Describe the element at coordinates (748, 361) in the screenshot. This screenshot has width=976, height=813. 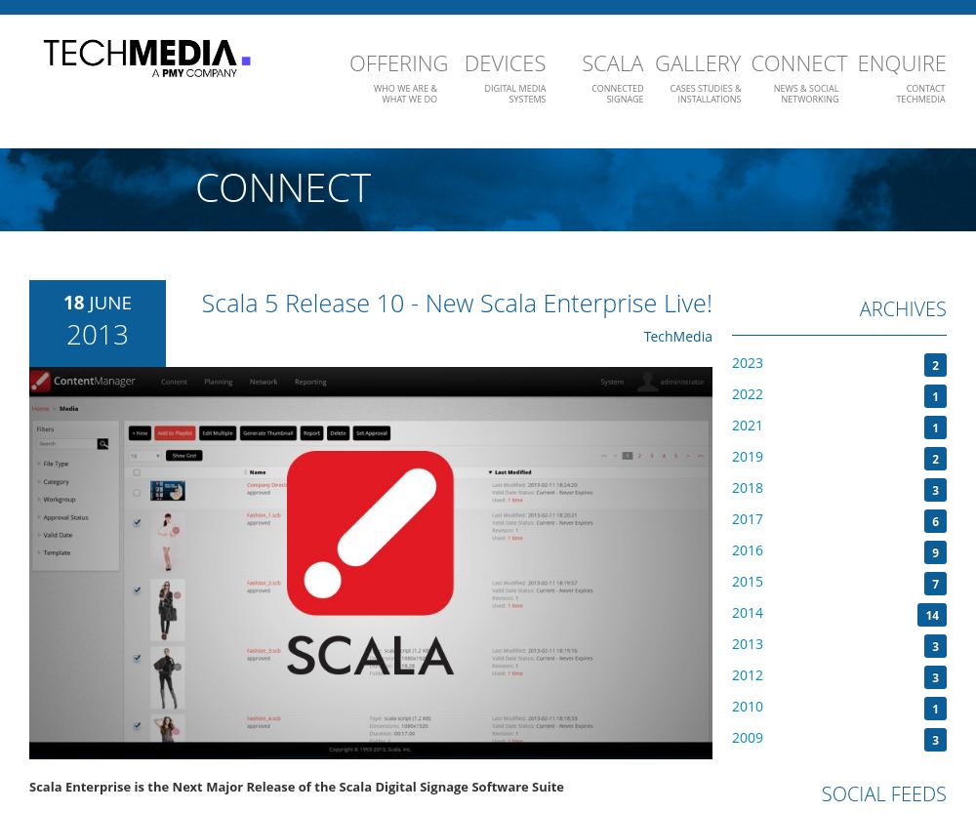
I see `'2023'` at that location.